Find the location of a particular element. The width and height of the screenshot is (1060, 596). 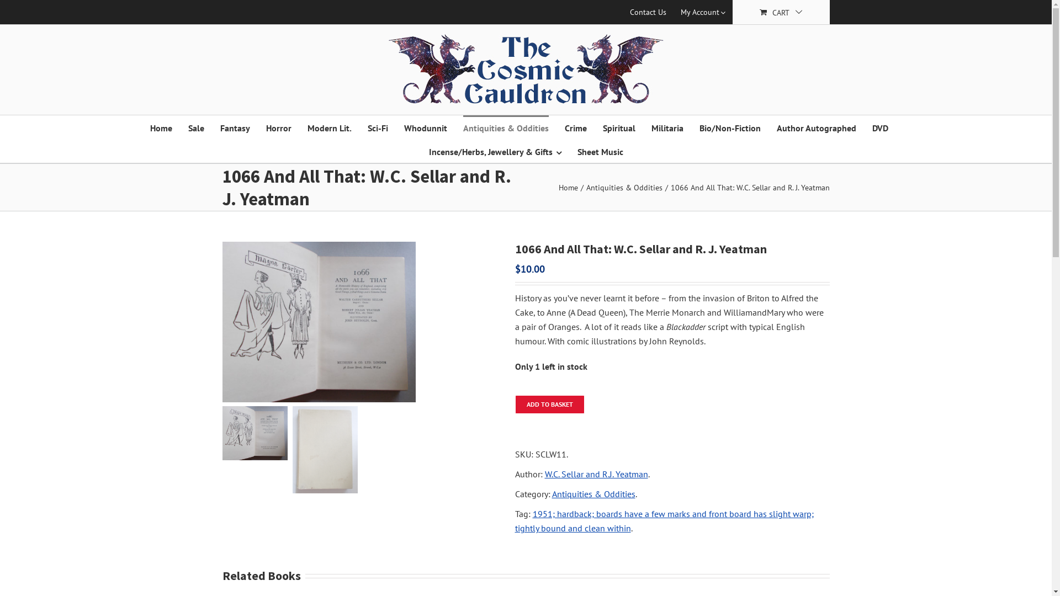

'Fantasy' is located at coordinates (234, 126).